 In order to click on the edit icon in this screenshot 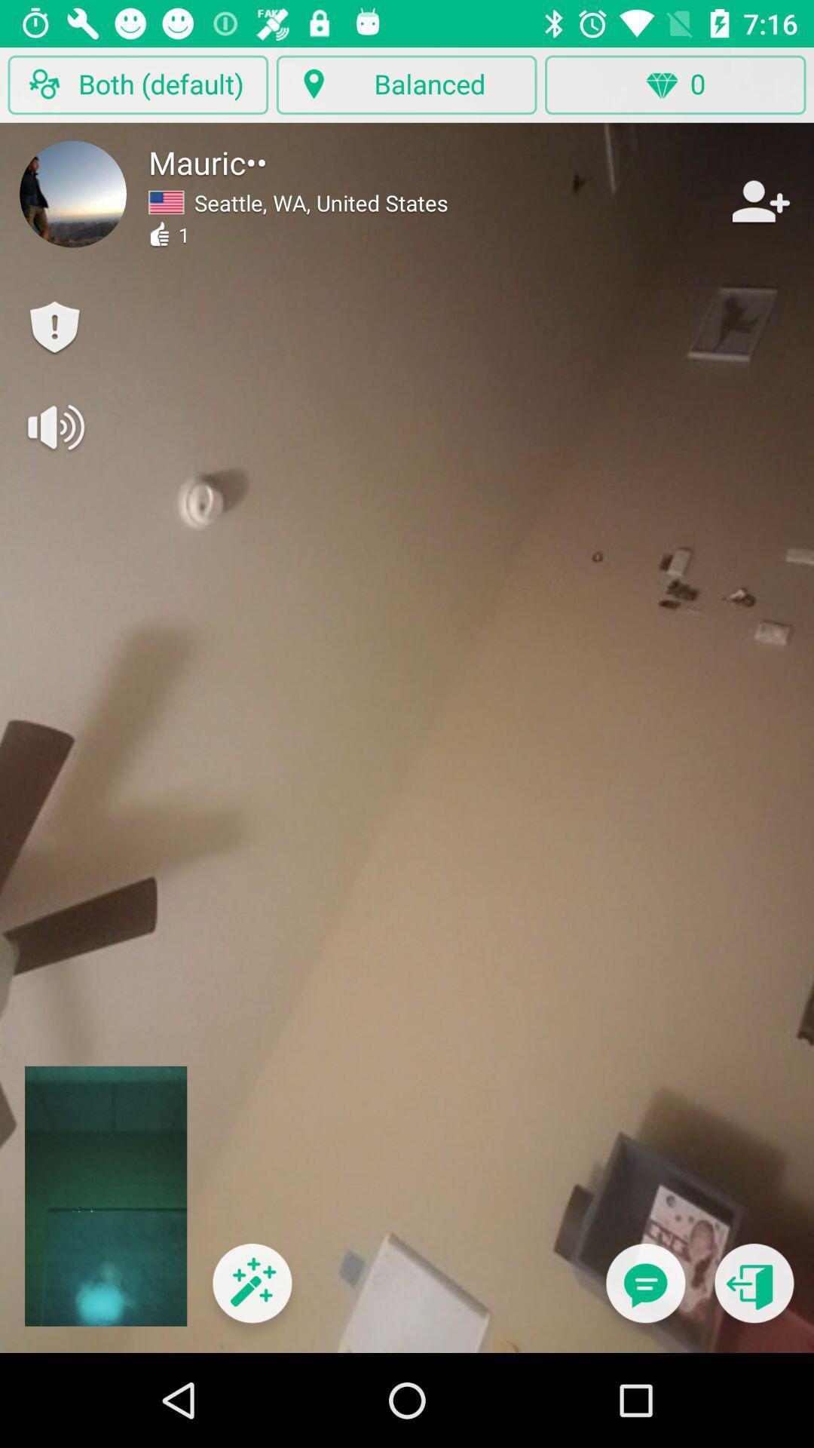, I will do `click(251, 1292)`.